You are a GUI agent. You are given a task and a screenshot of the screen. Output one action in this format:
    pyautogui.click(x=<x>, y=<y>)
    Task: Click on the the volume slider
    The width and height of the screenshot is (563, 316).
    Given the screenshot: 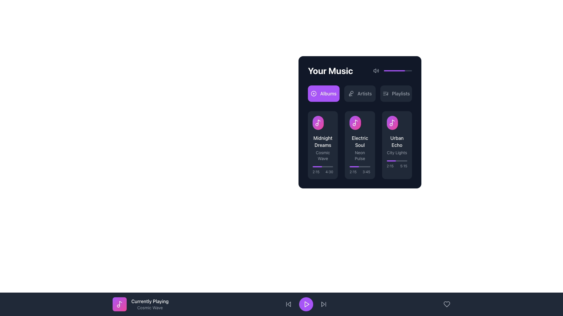 What is the action you would take?
    pyautogui.click(x=406, y=71)
    